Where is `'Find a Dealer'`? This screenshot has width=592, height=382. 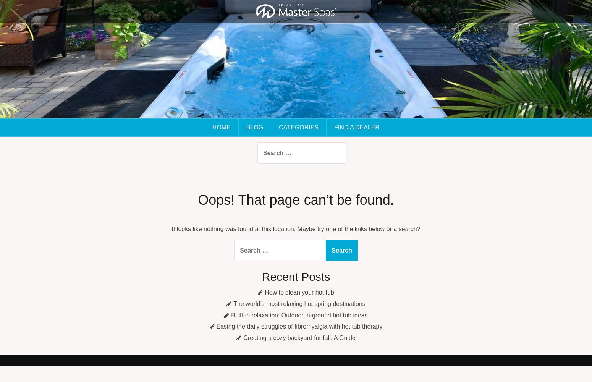
'Find a Dealer' is located at coordinates (334, 127).